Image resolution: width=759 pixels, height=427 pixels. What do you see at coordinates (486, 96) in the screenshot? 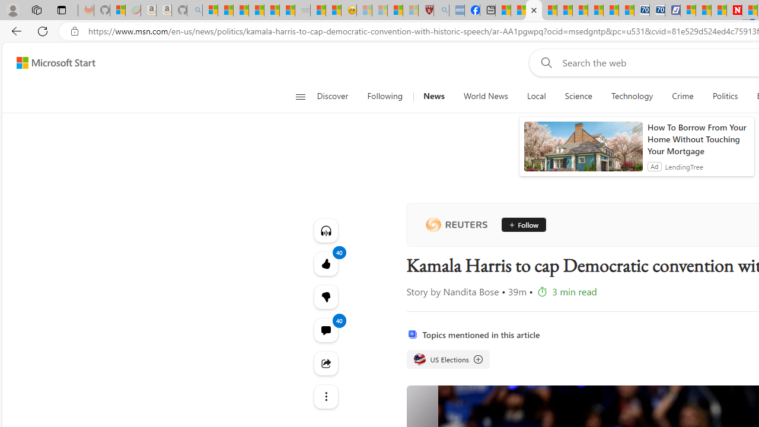
I see `'World News'` at bounding box center [486, 96].